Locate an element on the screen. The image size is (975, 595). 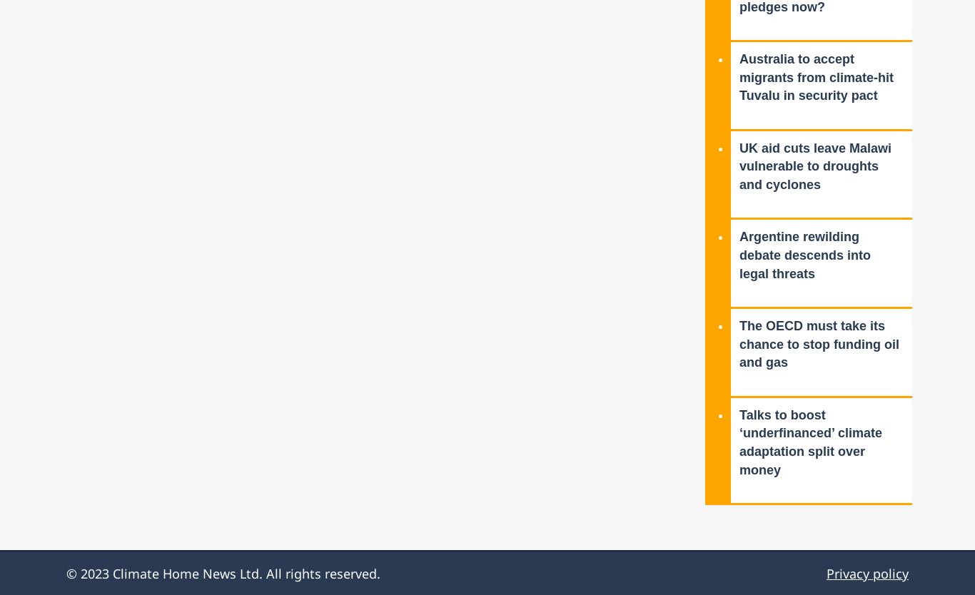
'The OECD must take its chance to stop funding oil and gas' is located at coordinates (819, 343).